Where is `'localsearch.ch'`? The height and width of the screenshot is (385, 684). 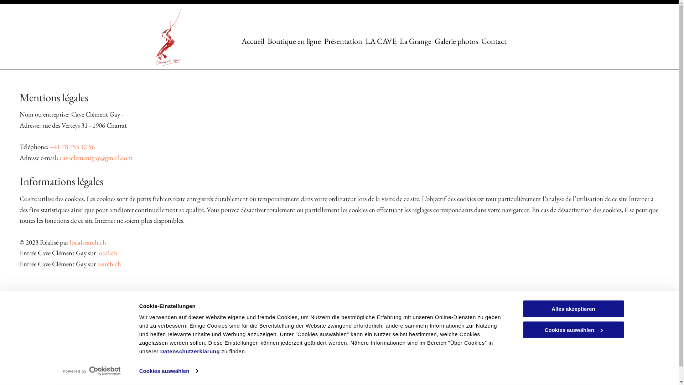 'localsearch.ch' is located at coordinates (70, 242).